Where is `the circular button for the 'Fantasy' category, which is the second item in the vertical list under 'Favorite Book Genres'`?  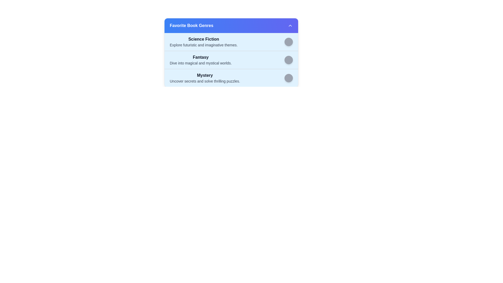
the circular button for the 'Fantasy' category, which is the second item in the vertical list under 'Favorite Book Genres' is located at coordinates (231, 59).